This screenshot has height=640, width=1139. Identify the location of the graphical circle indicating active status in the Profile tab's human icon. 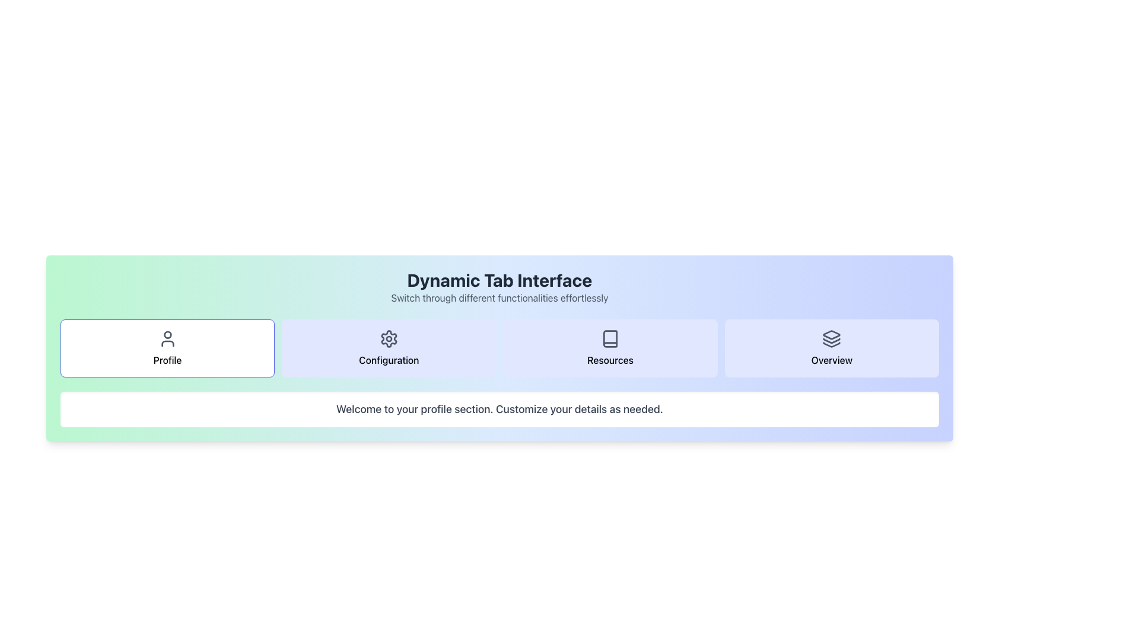
(167, 335).